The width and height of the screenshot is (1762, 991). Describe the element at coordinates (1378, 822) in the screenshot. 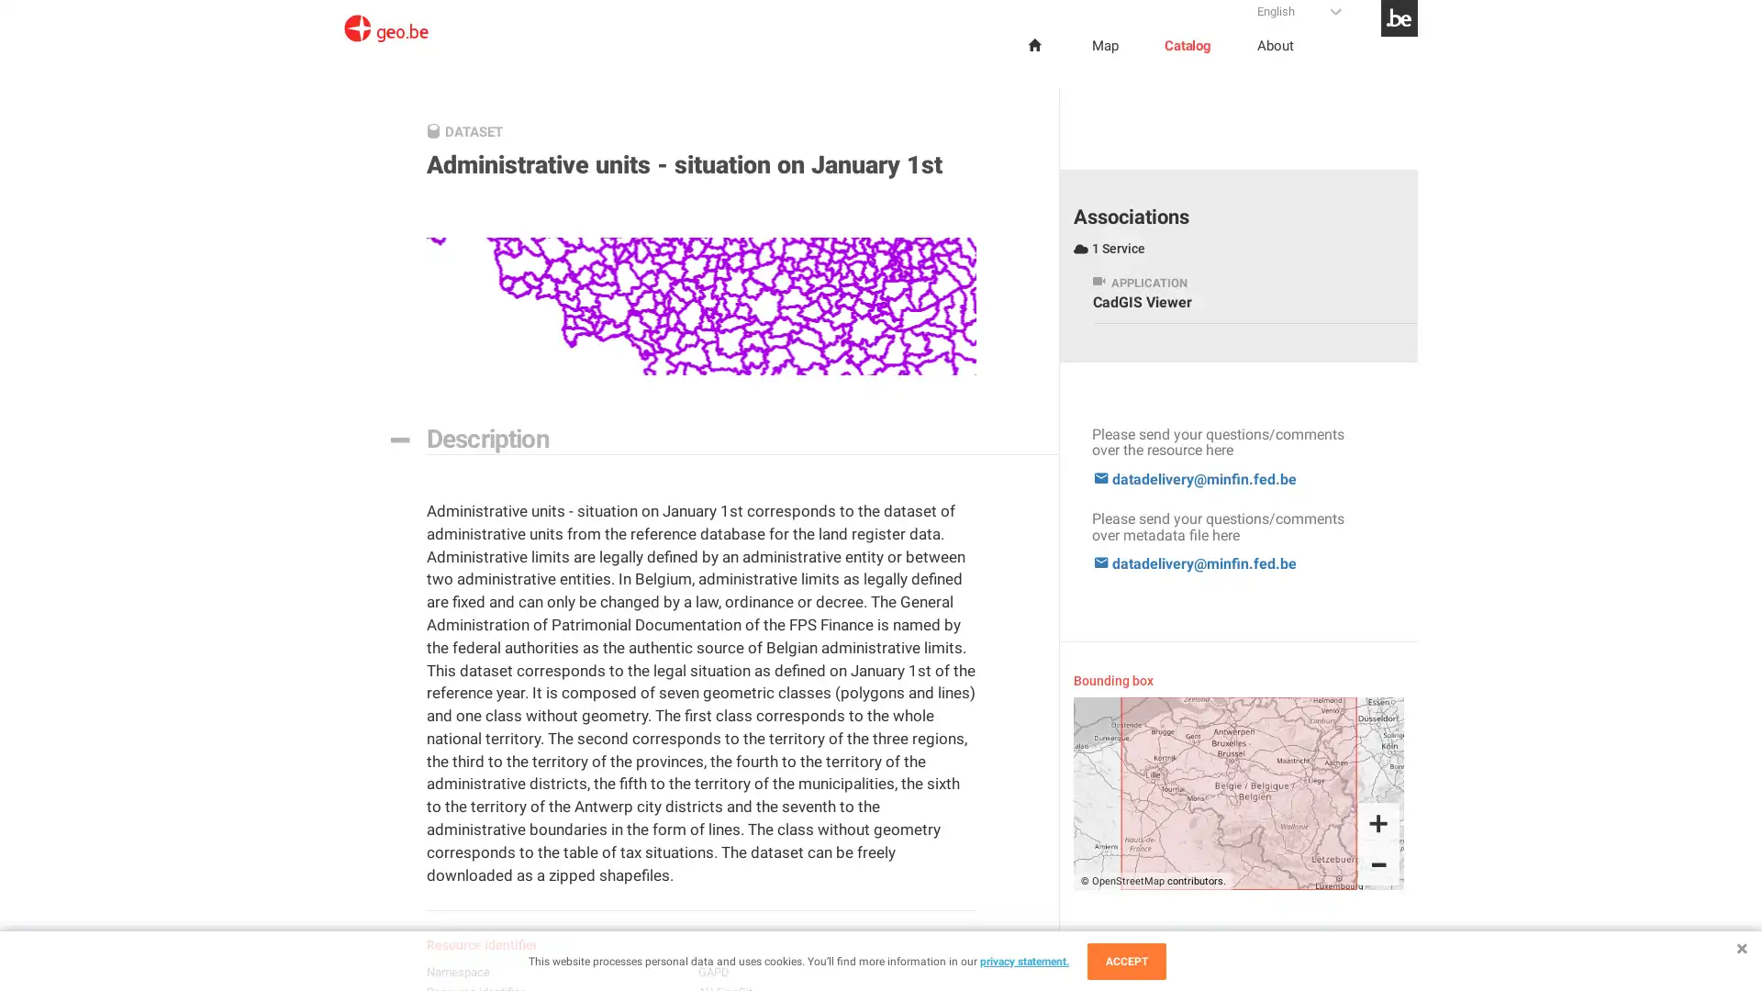

I see `+` at that location.